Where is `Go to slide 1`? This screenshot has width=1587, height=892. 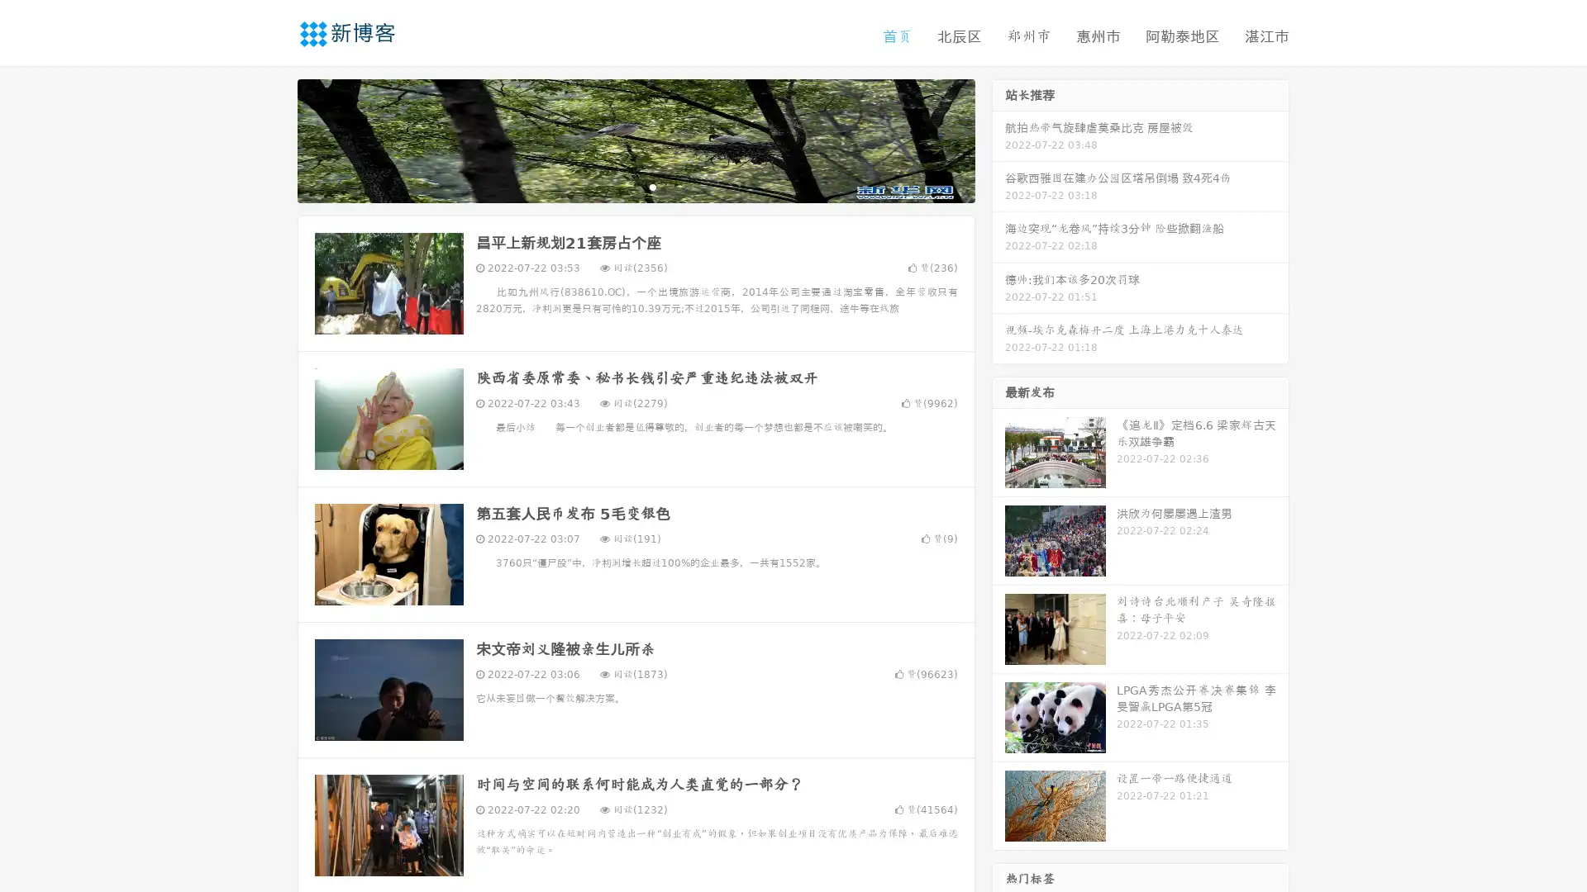 Go to slide 1 is located at coordinates (618, 186).